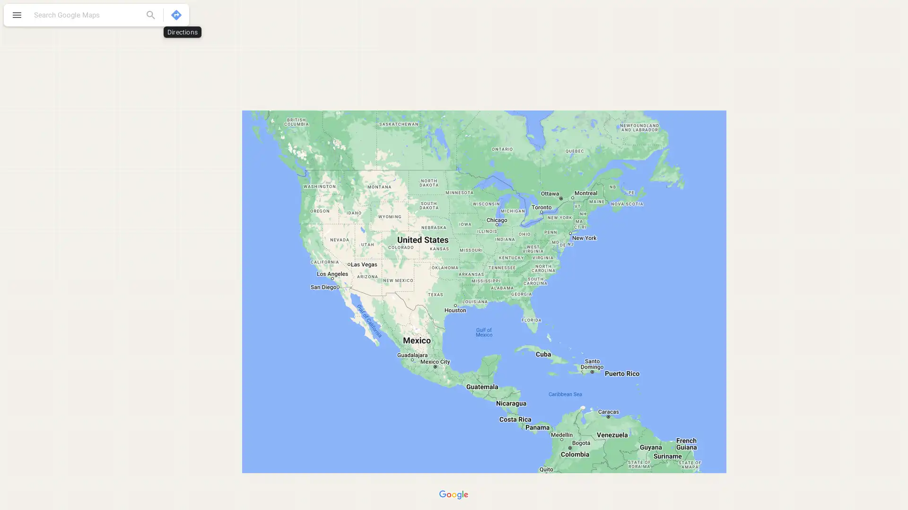 The image size is (908, 510). Describe the element at coordinates (176, 15) in the screenshot. I see `Directions` at that location.